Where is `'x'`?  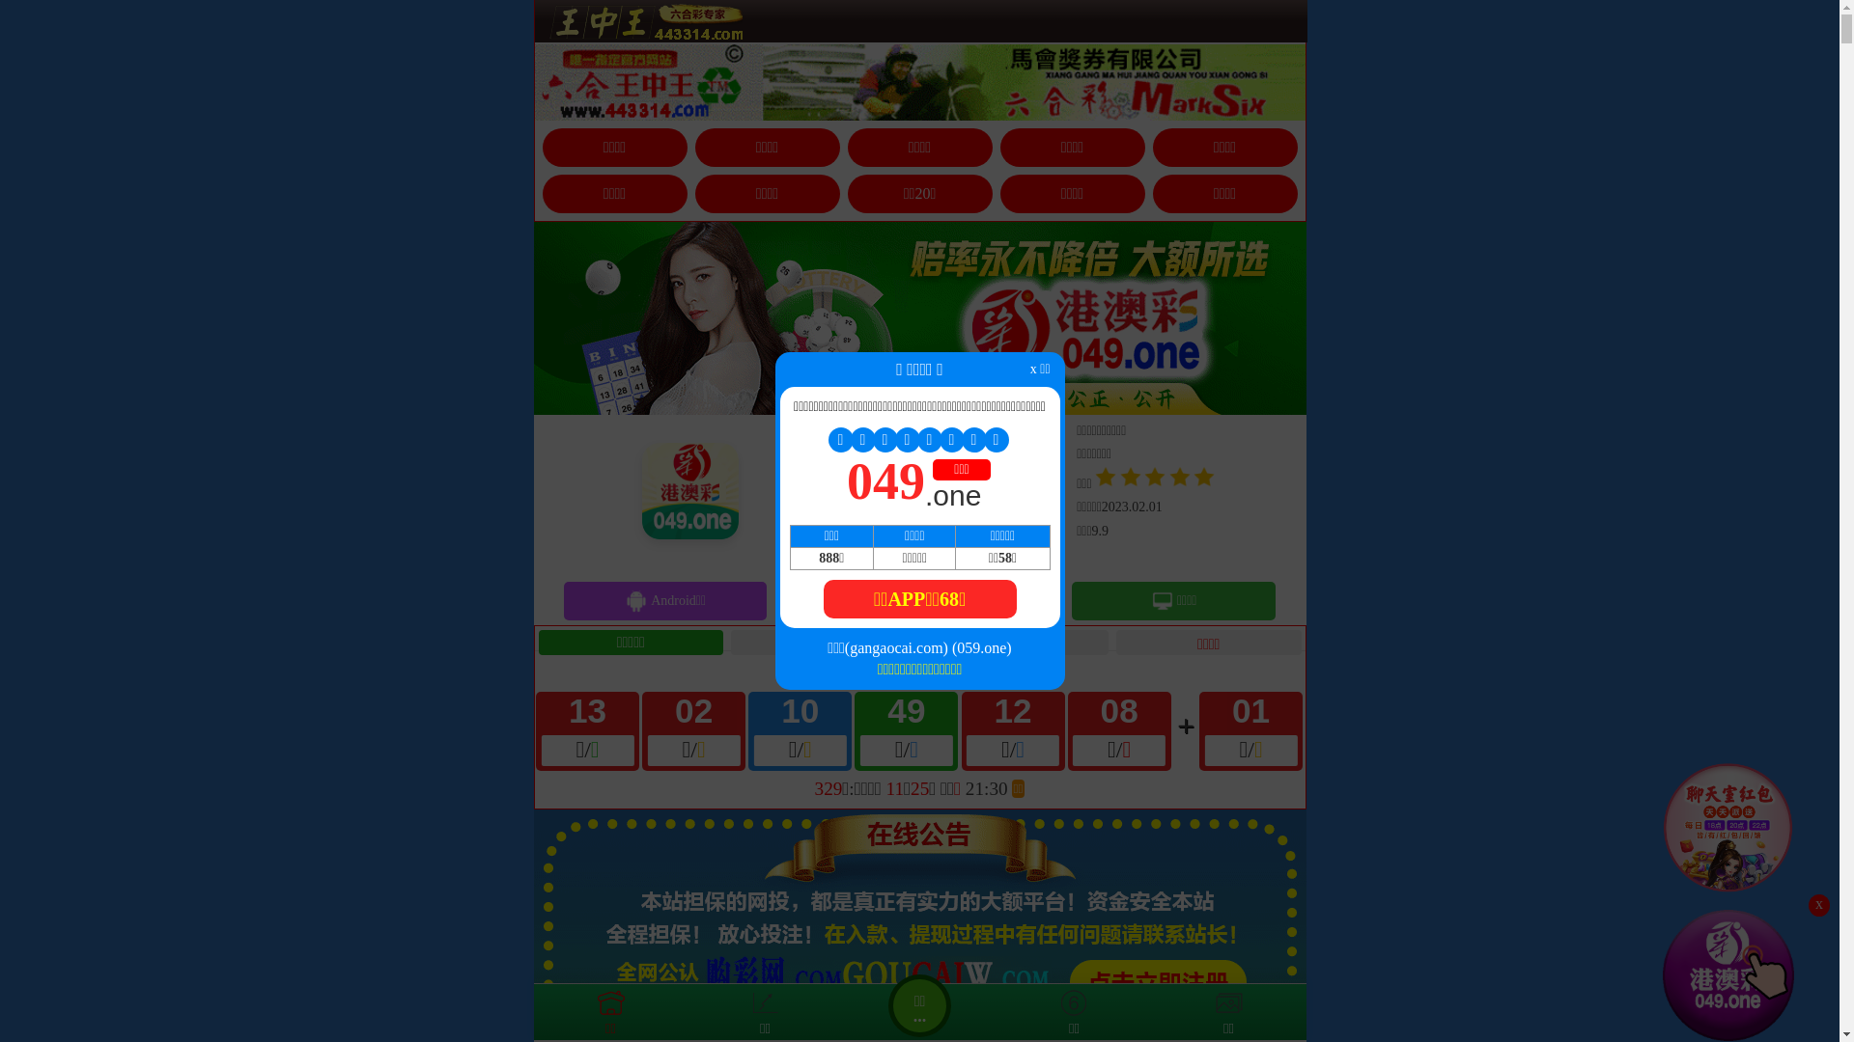
'x' is located at coordinates (1817, 905).